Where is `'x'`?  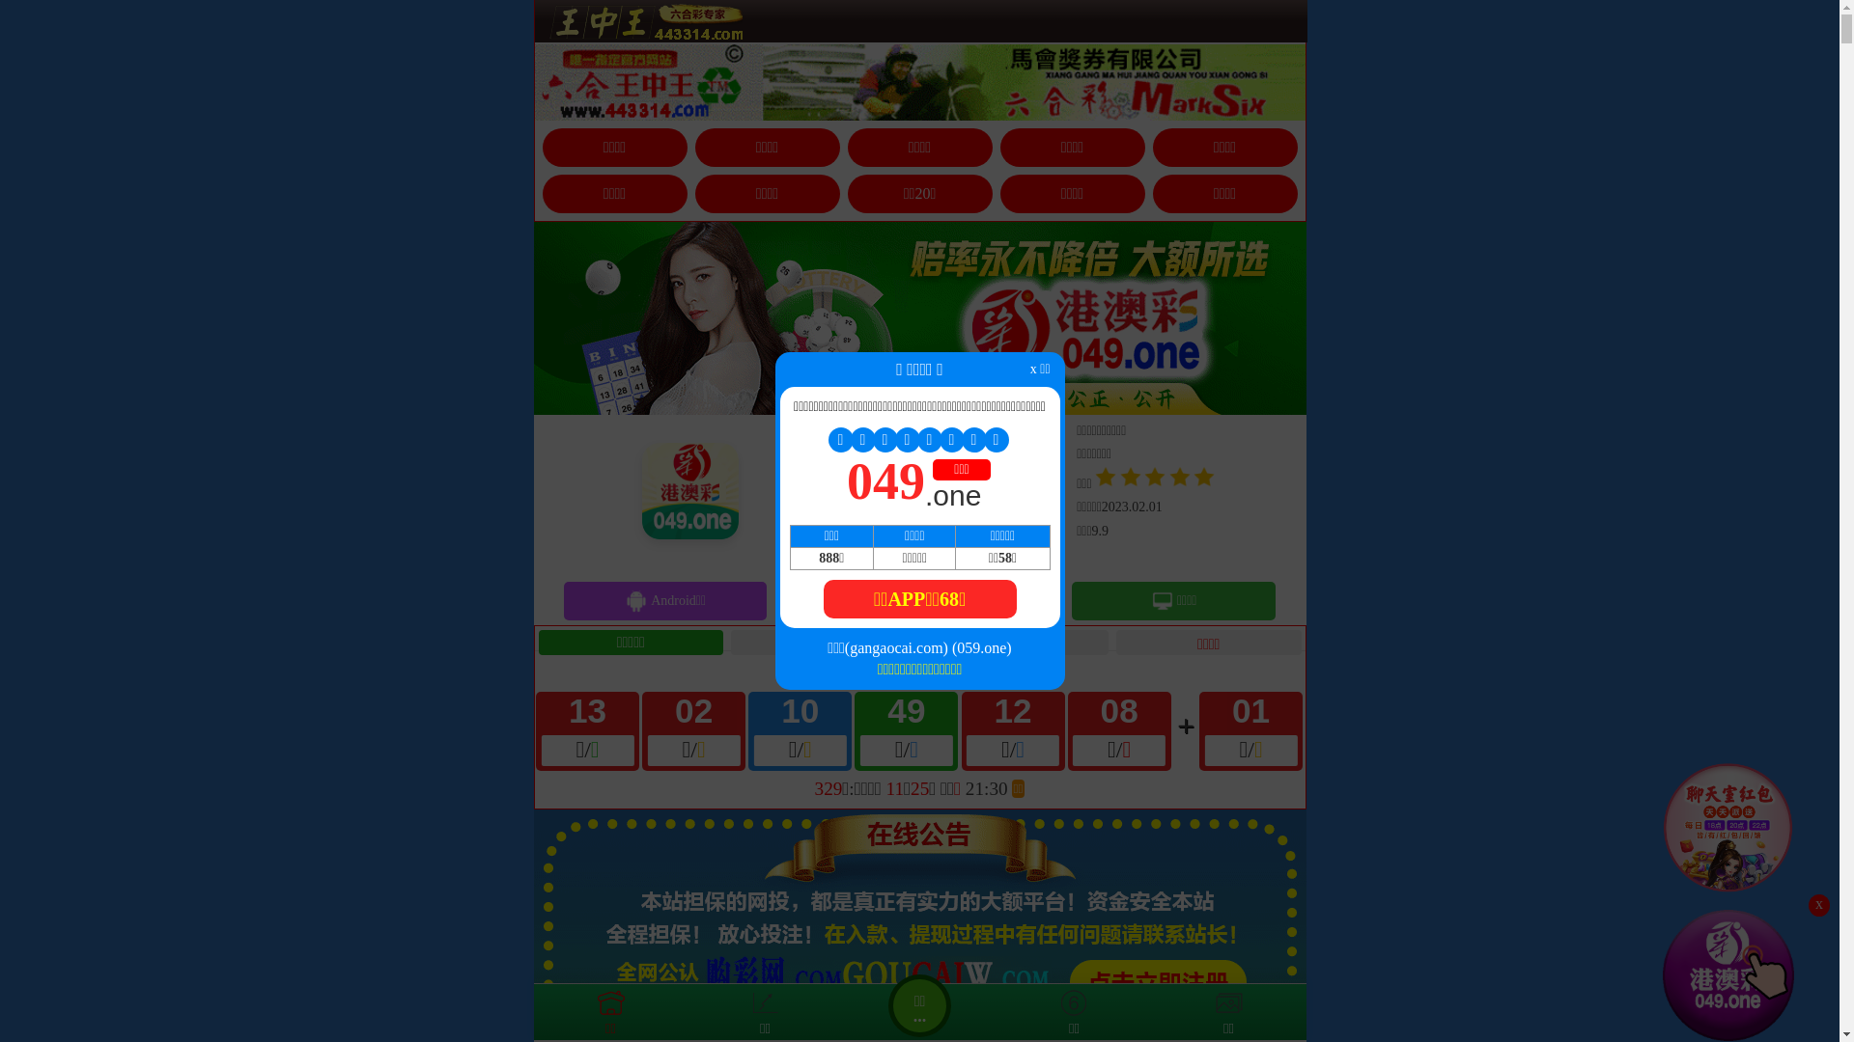
'x' is located at coordinates (1817, 905).